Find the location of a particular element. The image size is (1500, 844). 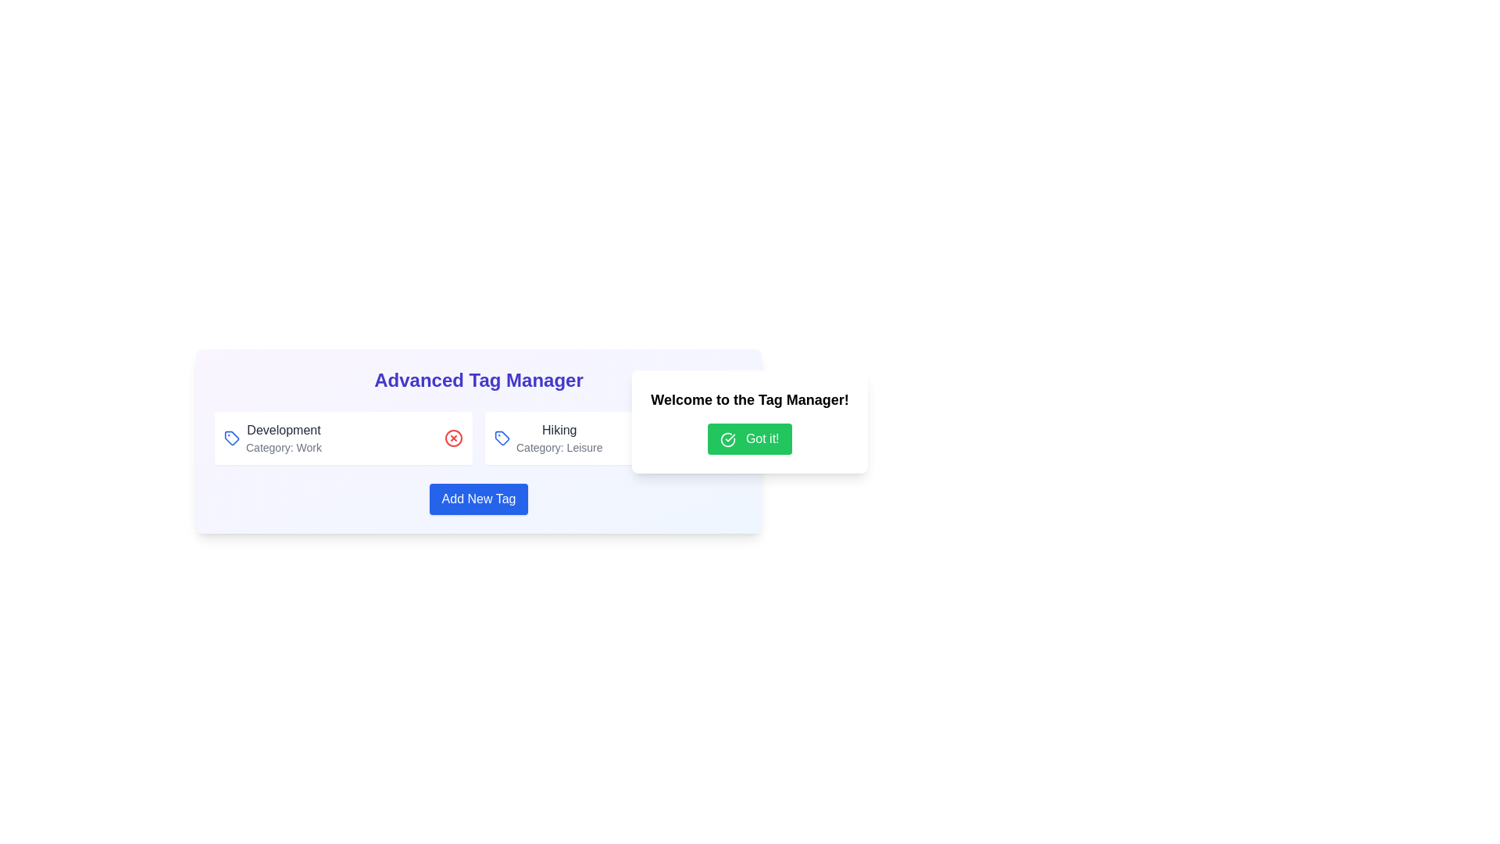

the actionable button located centrally below the highlighted tags is located at coordinates (478, 499).